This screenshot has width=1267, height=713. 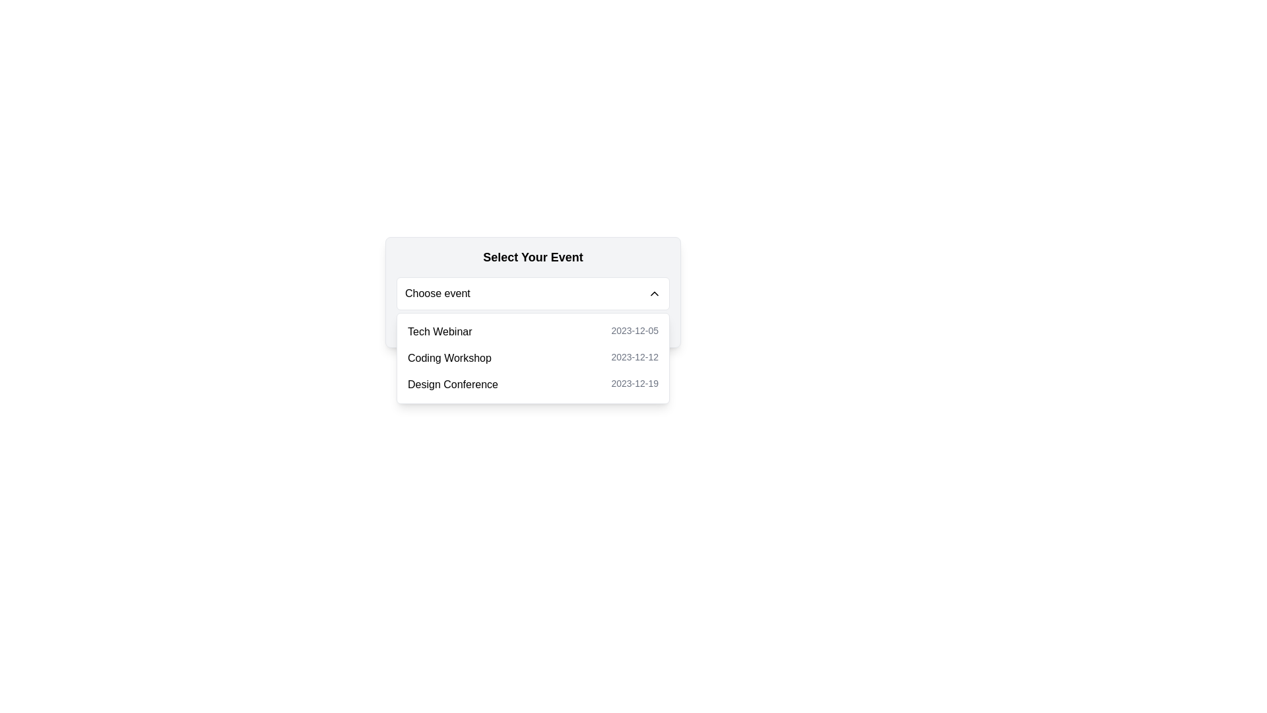 I want to click on the options in the 'Select Your Event' dropdown menu, so click(x=533, y=292).